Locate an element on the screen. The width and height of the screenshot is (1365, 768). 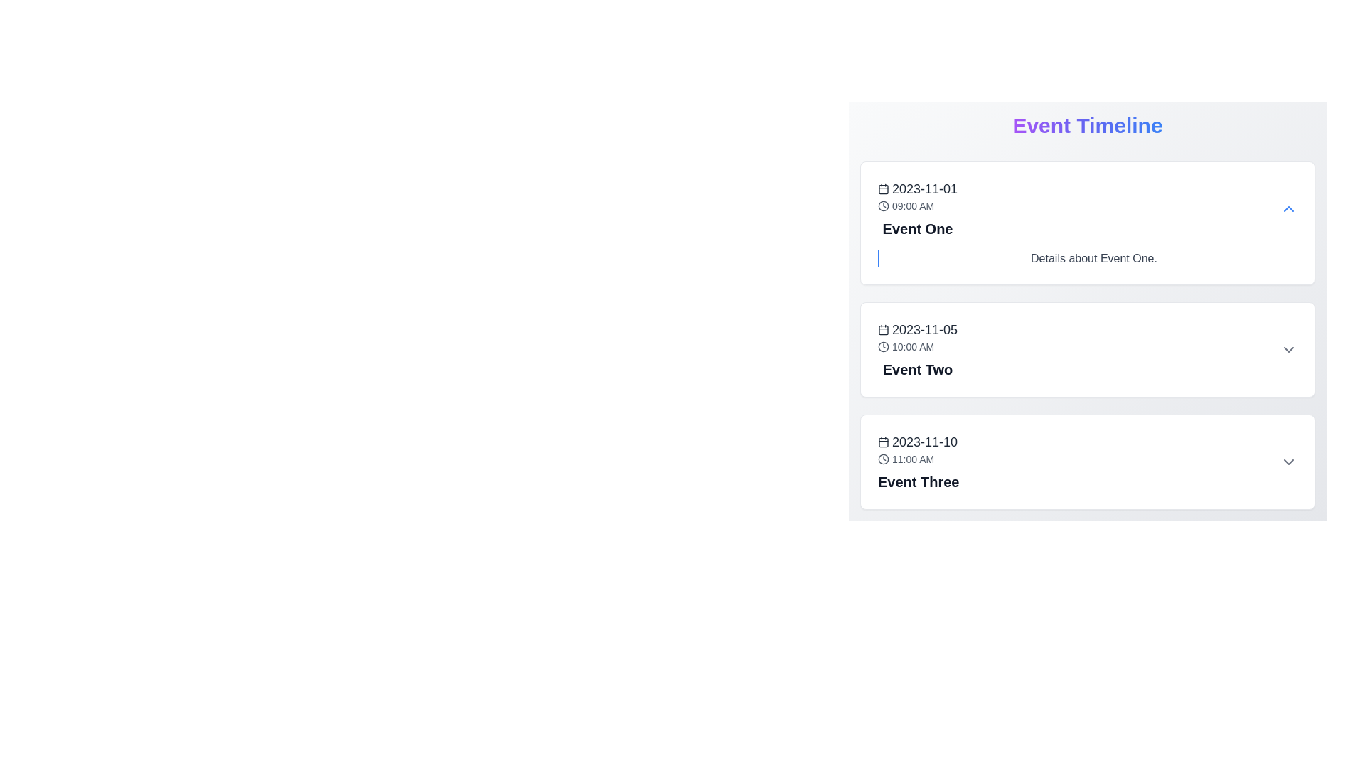
displayed date from the date display element of 'Event Three', located in the center-left of the third event card beneath the timeline header is located at coordinates (919, 441).